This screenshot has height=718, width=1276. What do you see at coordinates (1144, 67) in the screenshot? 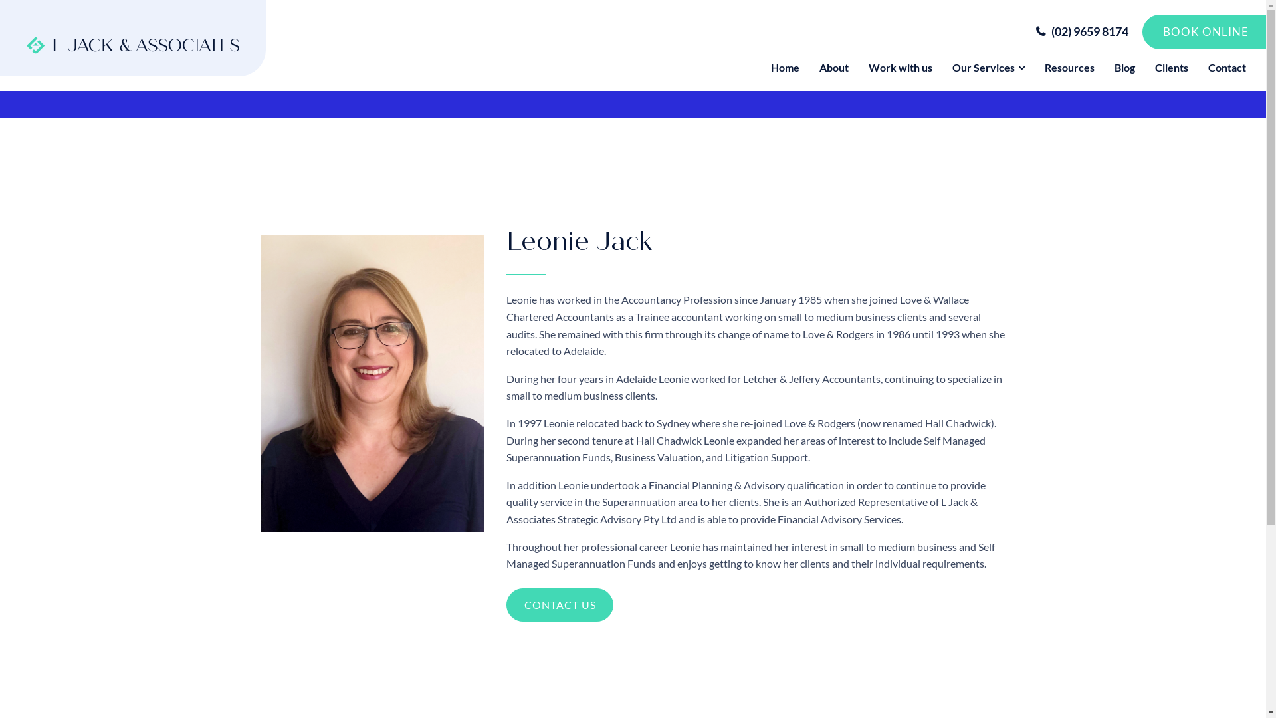
I see `'Clients'` at bounding box center [1144, 67].